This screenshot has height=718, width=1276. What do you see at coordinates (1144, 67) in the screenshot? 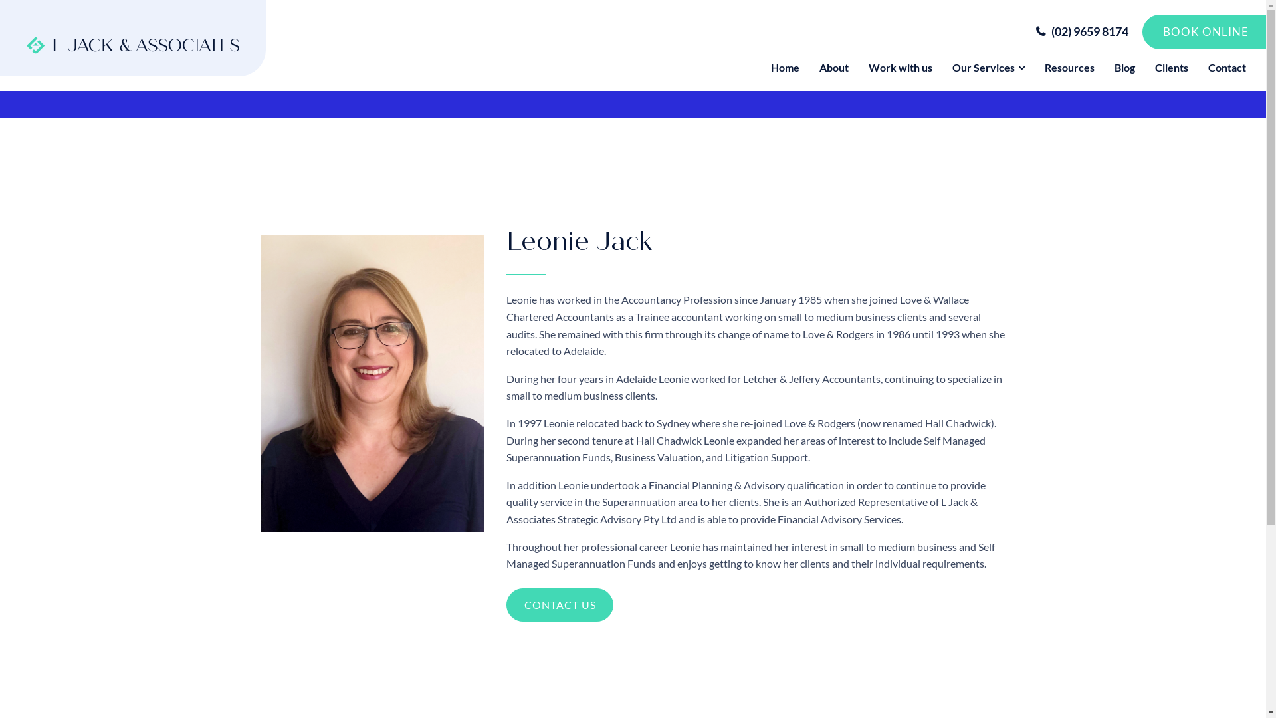
I see `'Clients'` at bounding box center [1144, 67].